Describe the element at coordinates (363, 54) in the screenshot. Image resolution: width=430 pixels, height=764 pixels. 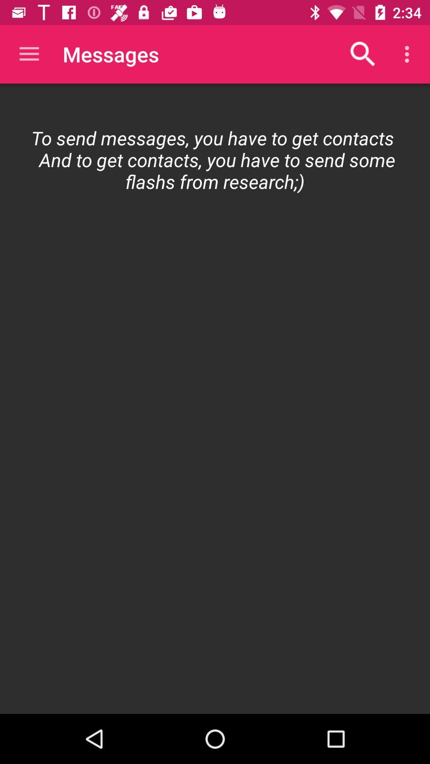
I see `icon above the to send messages` at that location.